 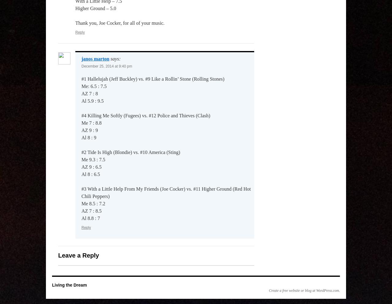 What do you see at coordinates (95, 58) in the screenshot?
I see `'janos marton'` at bounding box center [95, 58].